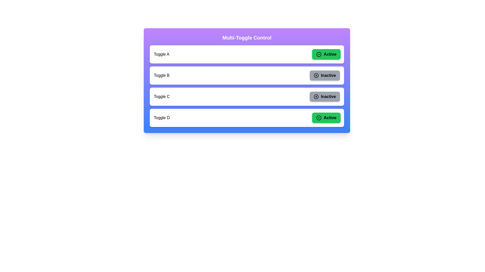 The height and width of the screenshot is (272, 485). Describe the element at coordinates (247, 80) in the screenshot. I see `the second toggle button in the 'Multi-Toggle Control' group to change its state` at that location.